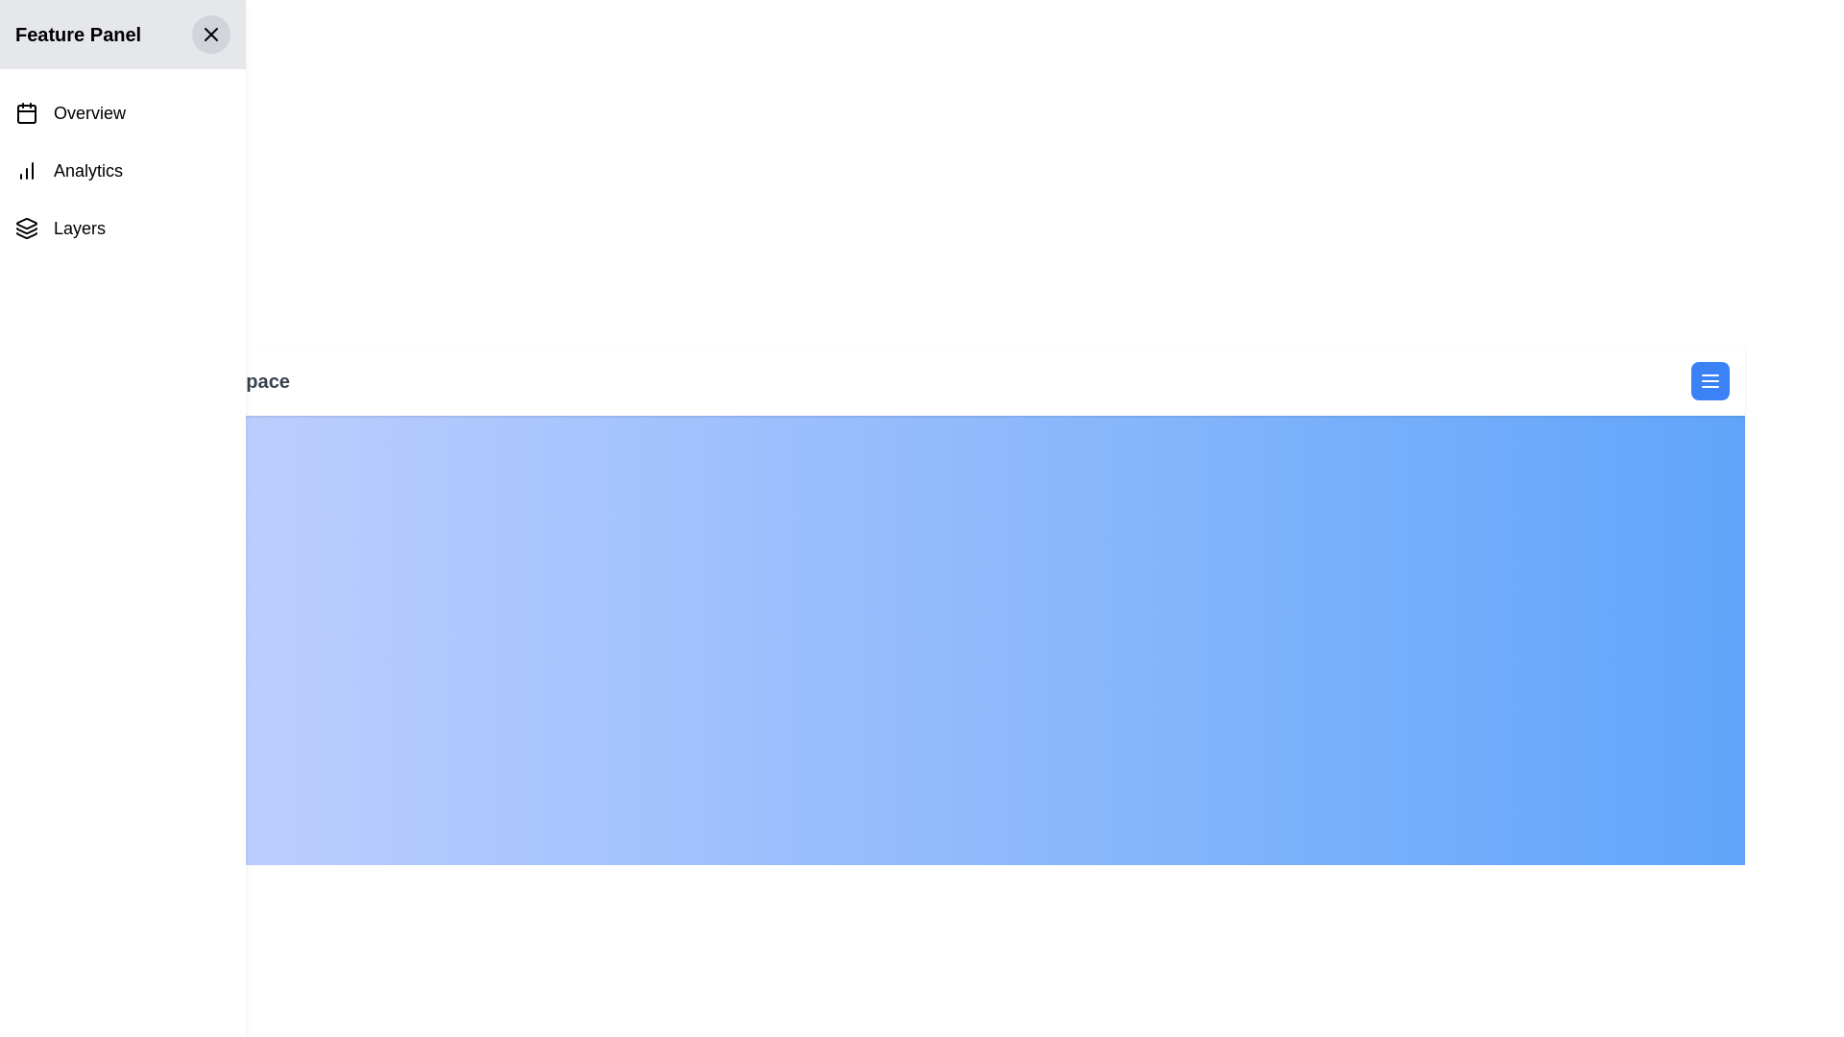  I want to click on the menu icon, which consists of three horizontal lines arranged vertically, located within a rounded rectangular button in the top-right corner of the interface, so click(1710, 381).